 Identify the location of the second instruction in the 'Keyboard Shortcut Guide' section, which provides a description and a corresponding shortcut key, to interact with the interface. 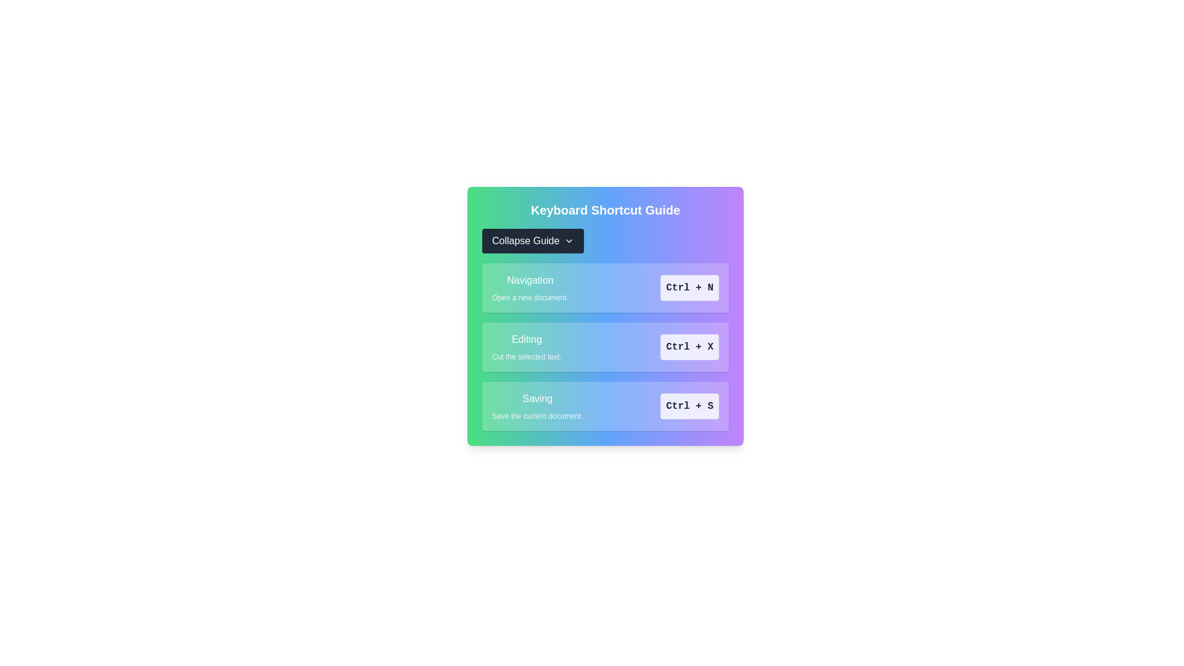
(606, 347).